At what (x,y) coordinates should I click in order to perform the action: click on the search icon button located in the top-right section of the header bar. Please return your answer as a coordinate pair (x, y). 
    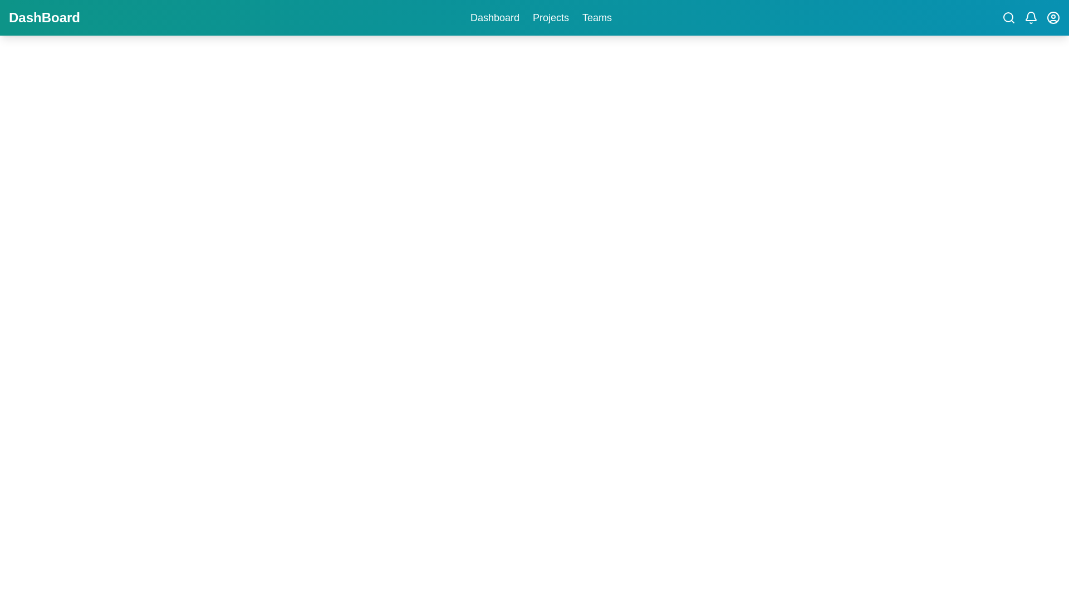
    Looking at the image, I should click on (1008, 17).